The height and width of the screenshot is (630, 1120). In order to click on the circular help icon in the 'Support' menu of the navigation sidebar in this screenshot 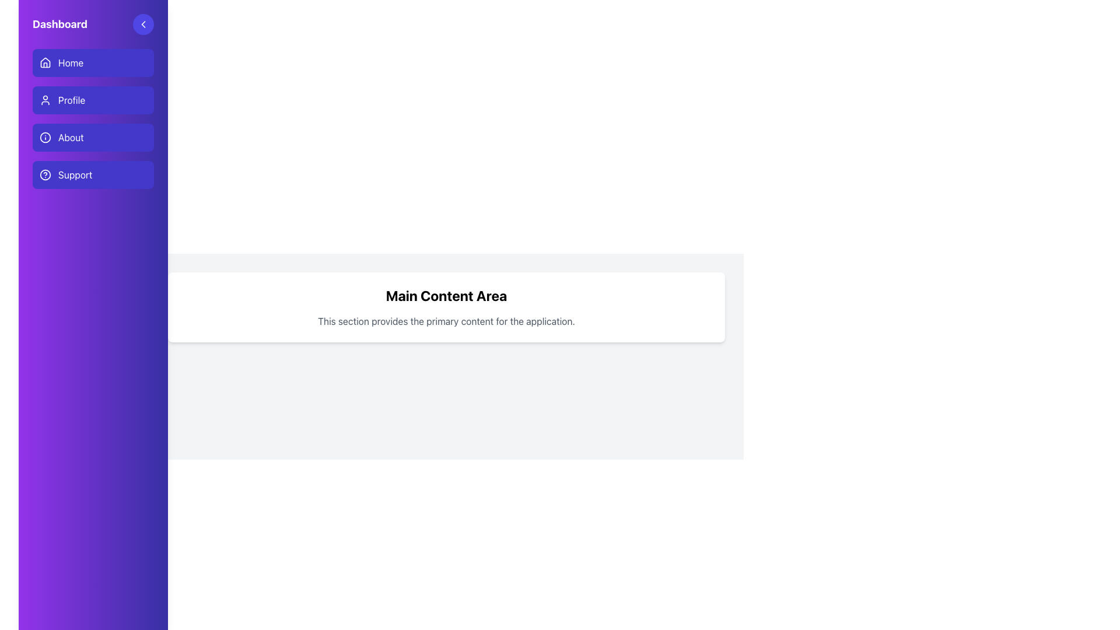, I will do `click(45, 175)`.